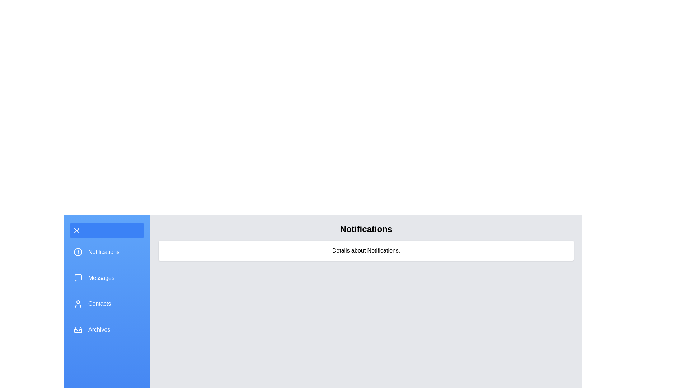 Image resolution: width=689 pixels, height=388 pixels. I want to click on the menu section Archives, so click(106, 330).